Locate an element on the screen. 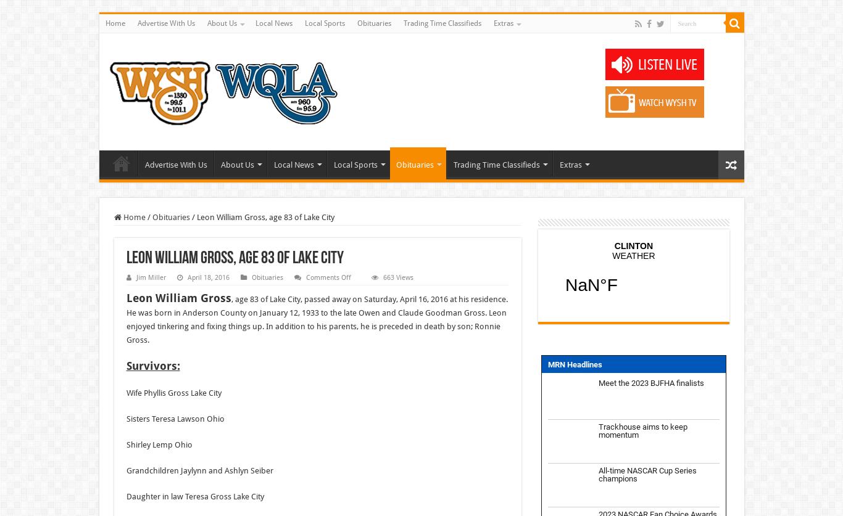 The height and width of the screenshot is (516, 843). 'Grandchildren Jaylynn and Ashlyn Seiber' is located at coordinates (199, 470).